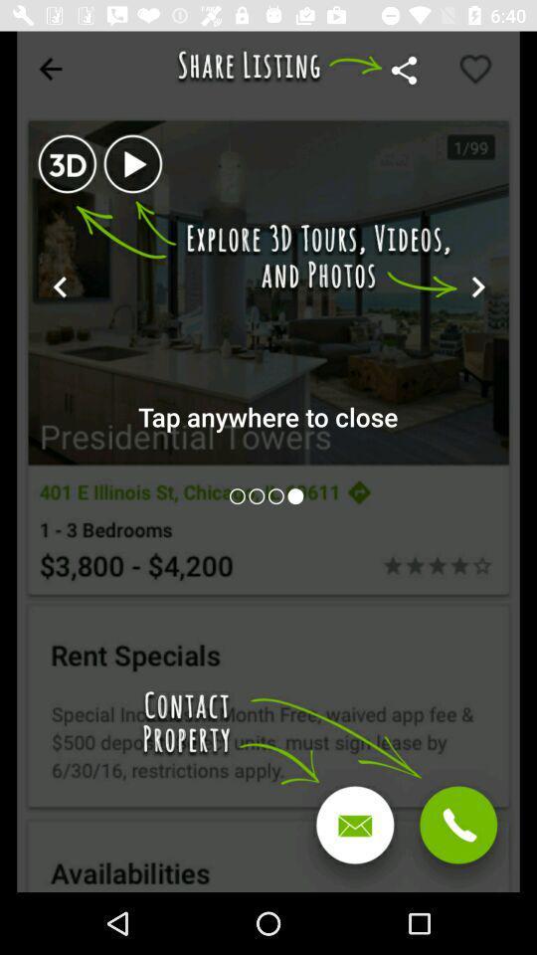 Image resolution: width=537 pixels, height=955 pixels. I want to click on previous image, so click(276, 495).